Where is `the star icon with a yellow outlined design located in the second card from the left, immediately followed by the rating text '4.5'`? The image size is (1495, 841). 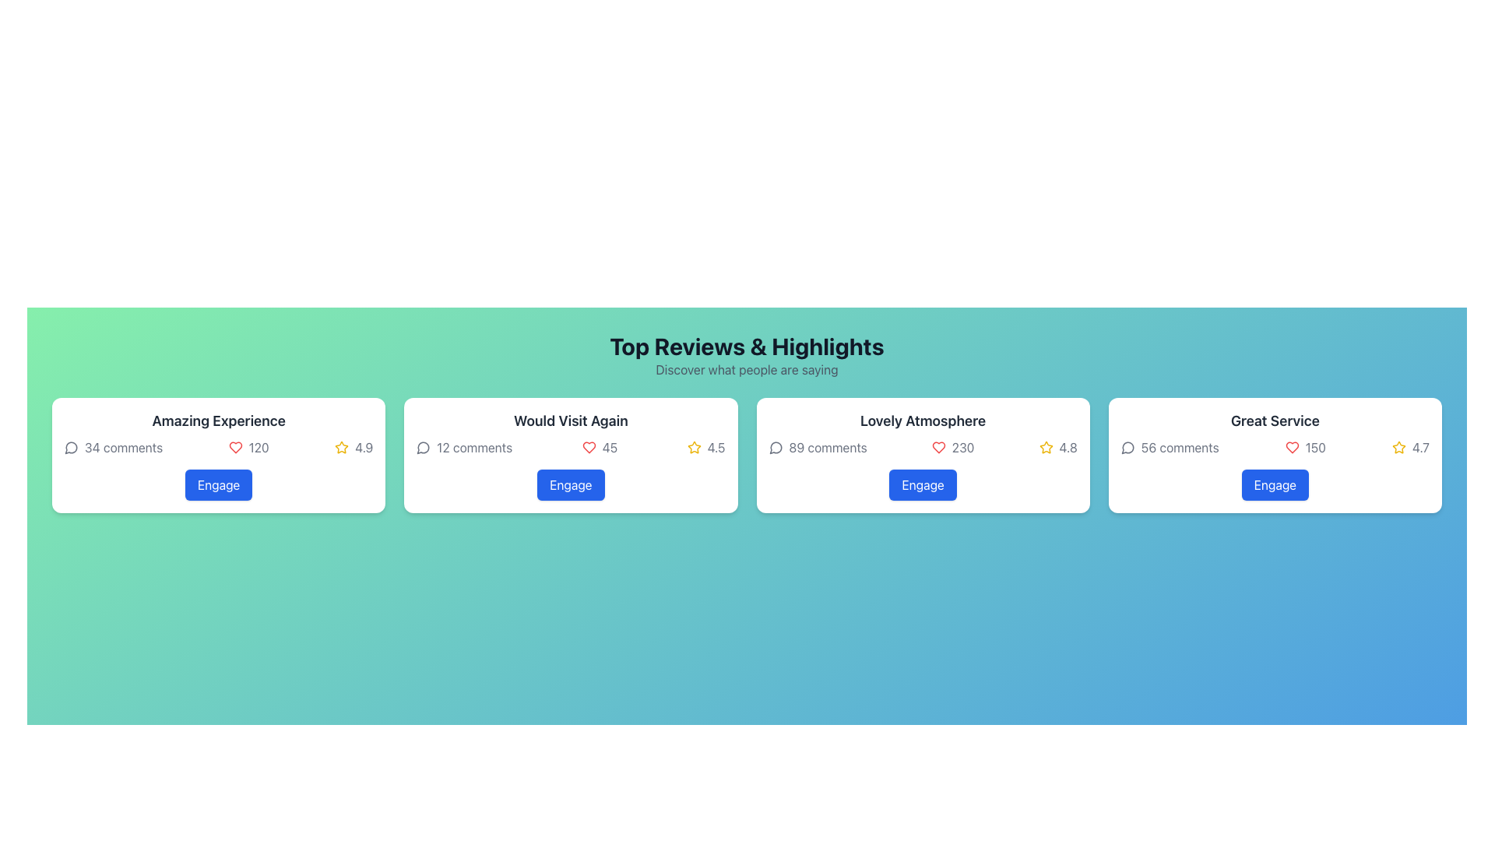
the star icon with a yellow outlined design located in the second card from the left, immediately followed by the rating text '4.5' is located at coordinates (693, 447).